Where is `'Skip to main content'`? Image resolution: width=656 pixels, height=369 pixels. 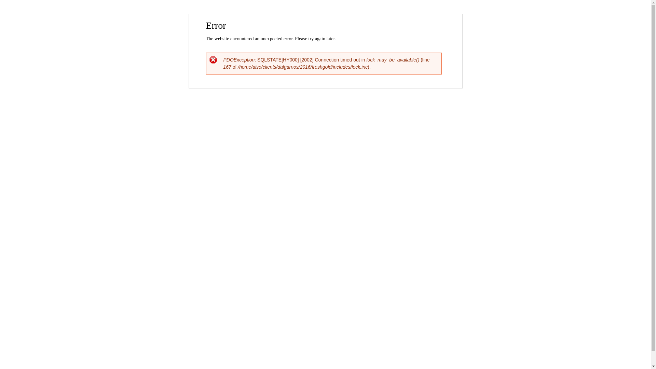 'Skip to main content' is located at coordinates (311, 14).